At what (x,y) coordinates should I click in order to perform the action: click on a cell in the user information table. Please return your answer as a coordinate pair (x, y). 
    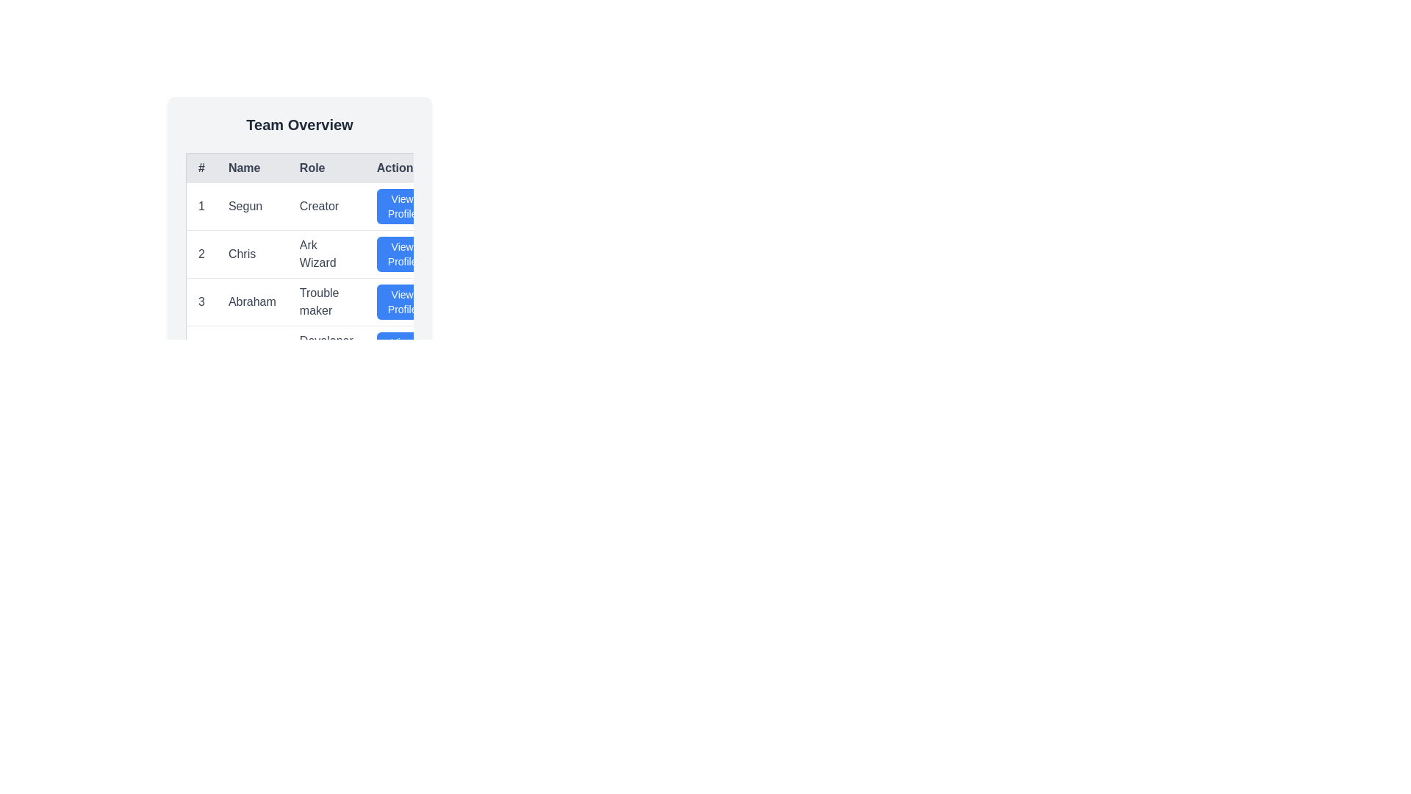
    Looking at the image, I should click on (319, 262).